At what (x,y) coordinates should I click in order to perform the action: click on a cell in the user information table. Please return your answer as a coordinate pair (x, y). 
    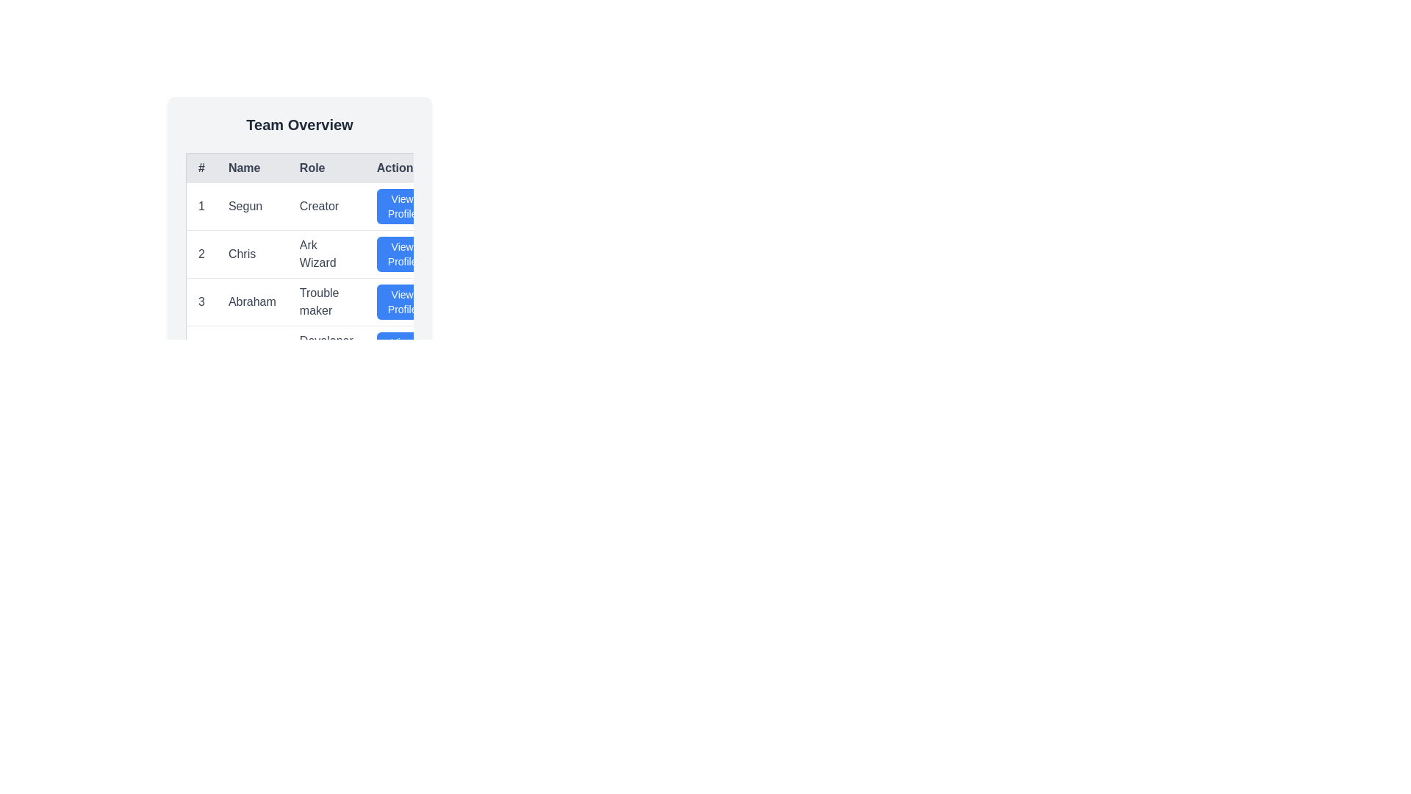
    Looking at the image, I should click on (319, 262).